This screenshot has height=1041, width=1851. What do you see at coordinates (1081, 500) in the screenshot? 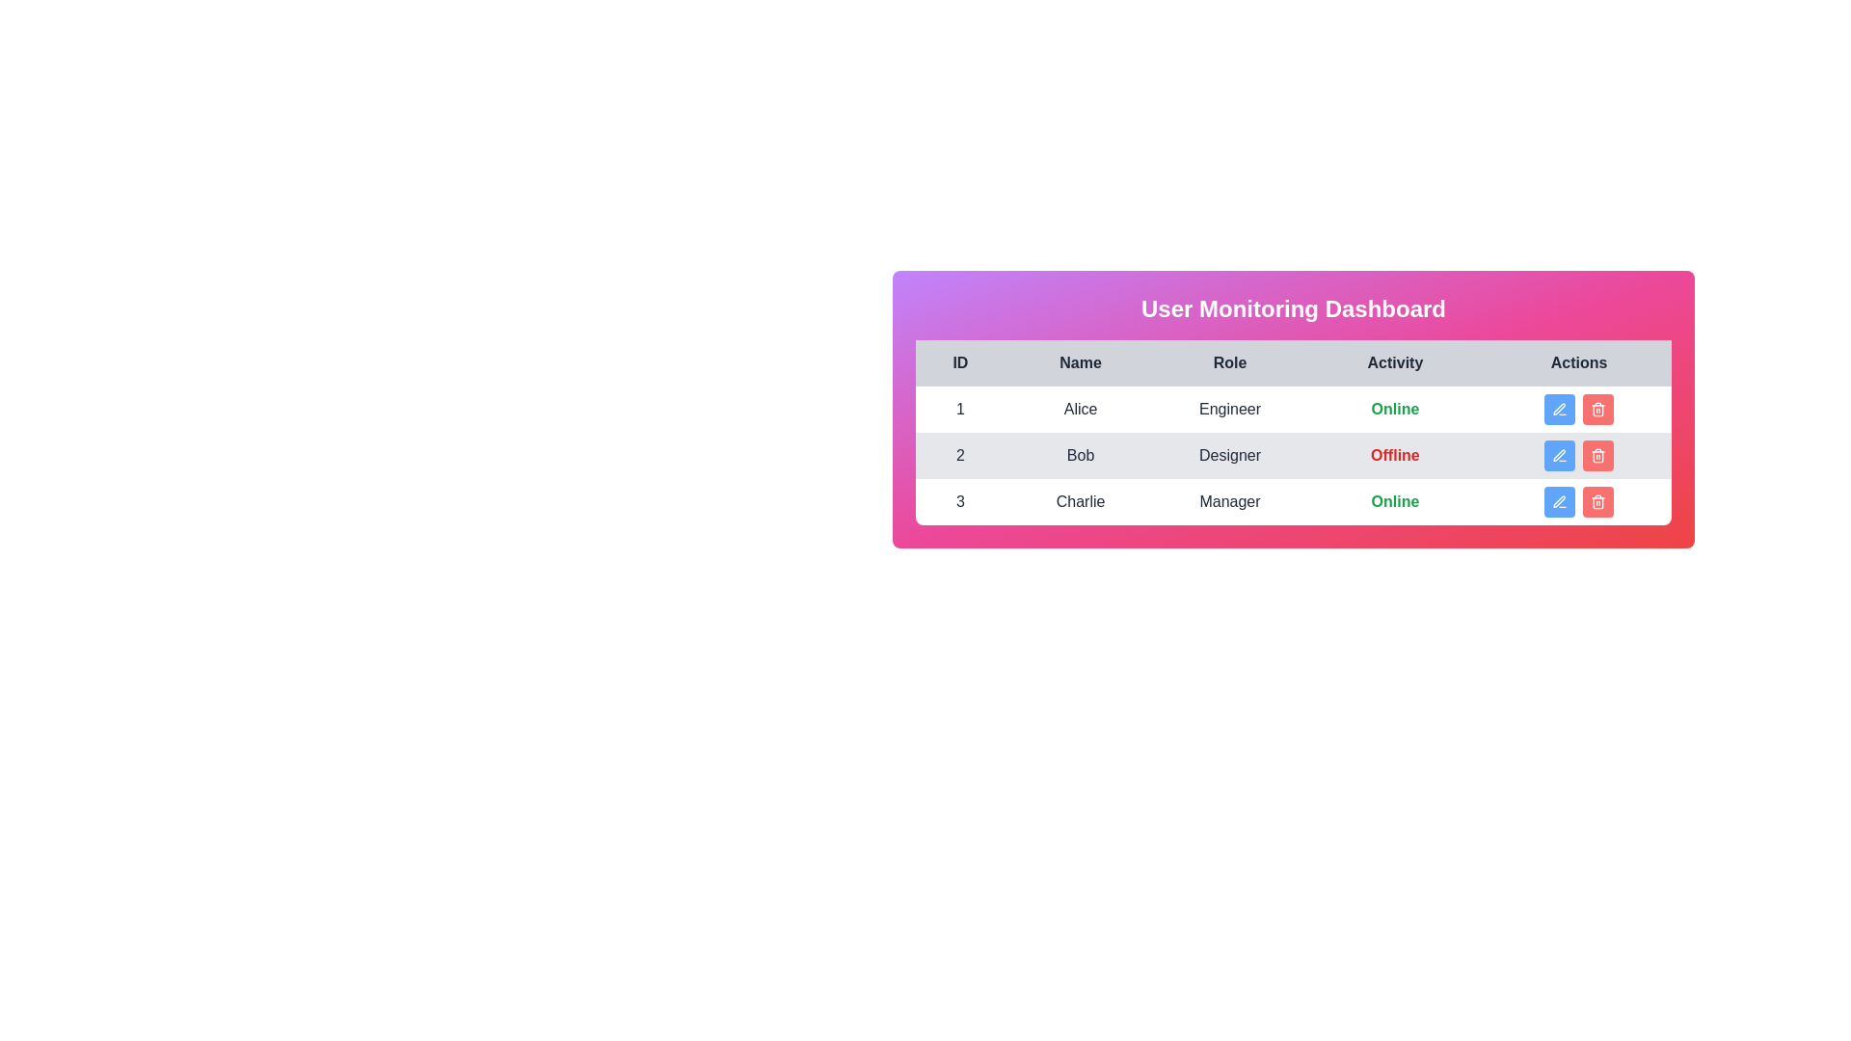
I see `the user name Charlie to select or edit their name` at bounding box center [1081, 500].